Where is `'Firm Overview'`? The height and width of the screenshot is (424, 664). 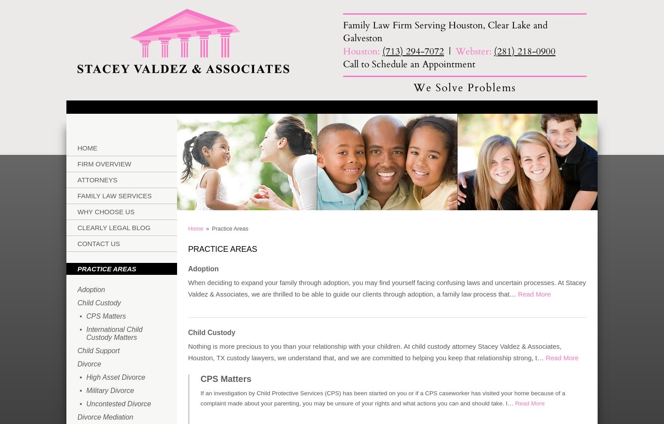
'Firm Overview' is located at coordinates (104, 163).